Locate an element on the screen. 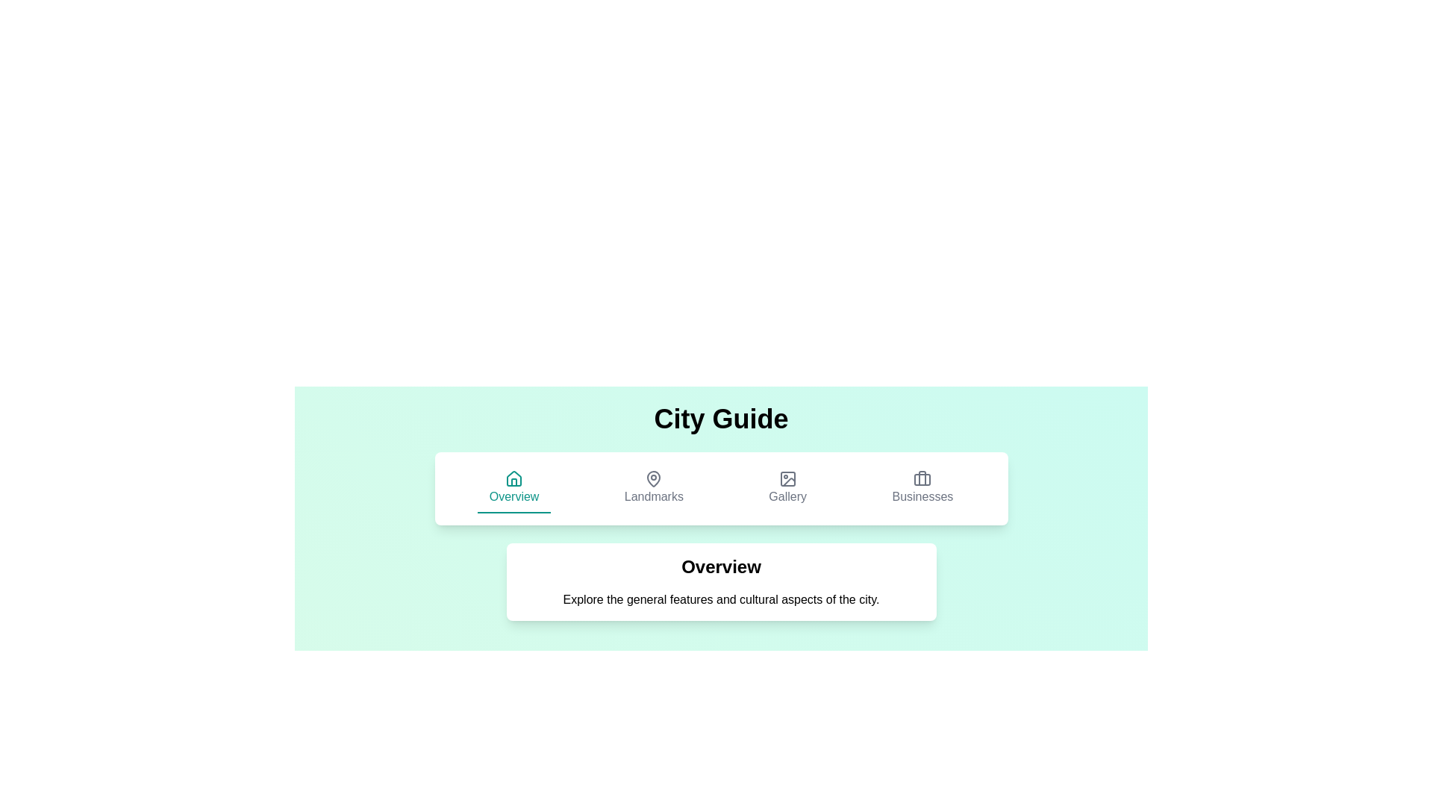 The width and height of the screenshot is (1433, 806). the 'Gallery' navigation button, which is the third tab in the 'City Guide' section, positioned between 'Landmarks' and 'Businesses' is located at coordinates (787, 489).